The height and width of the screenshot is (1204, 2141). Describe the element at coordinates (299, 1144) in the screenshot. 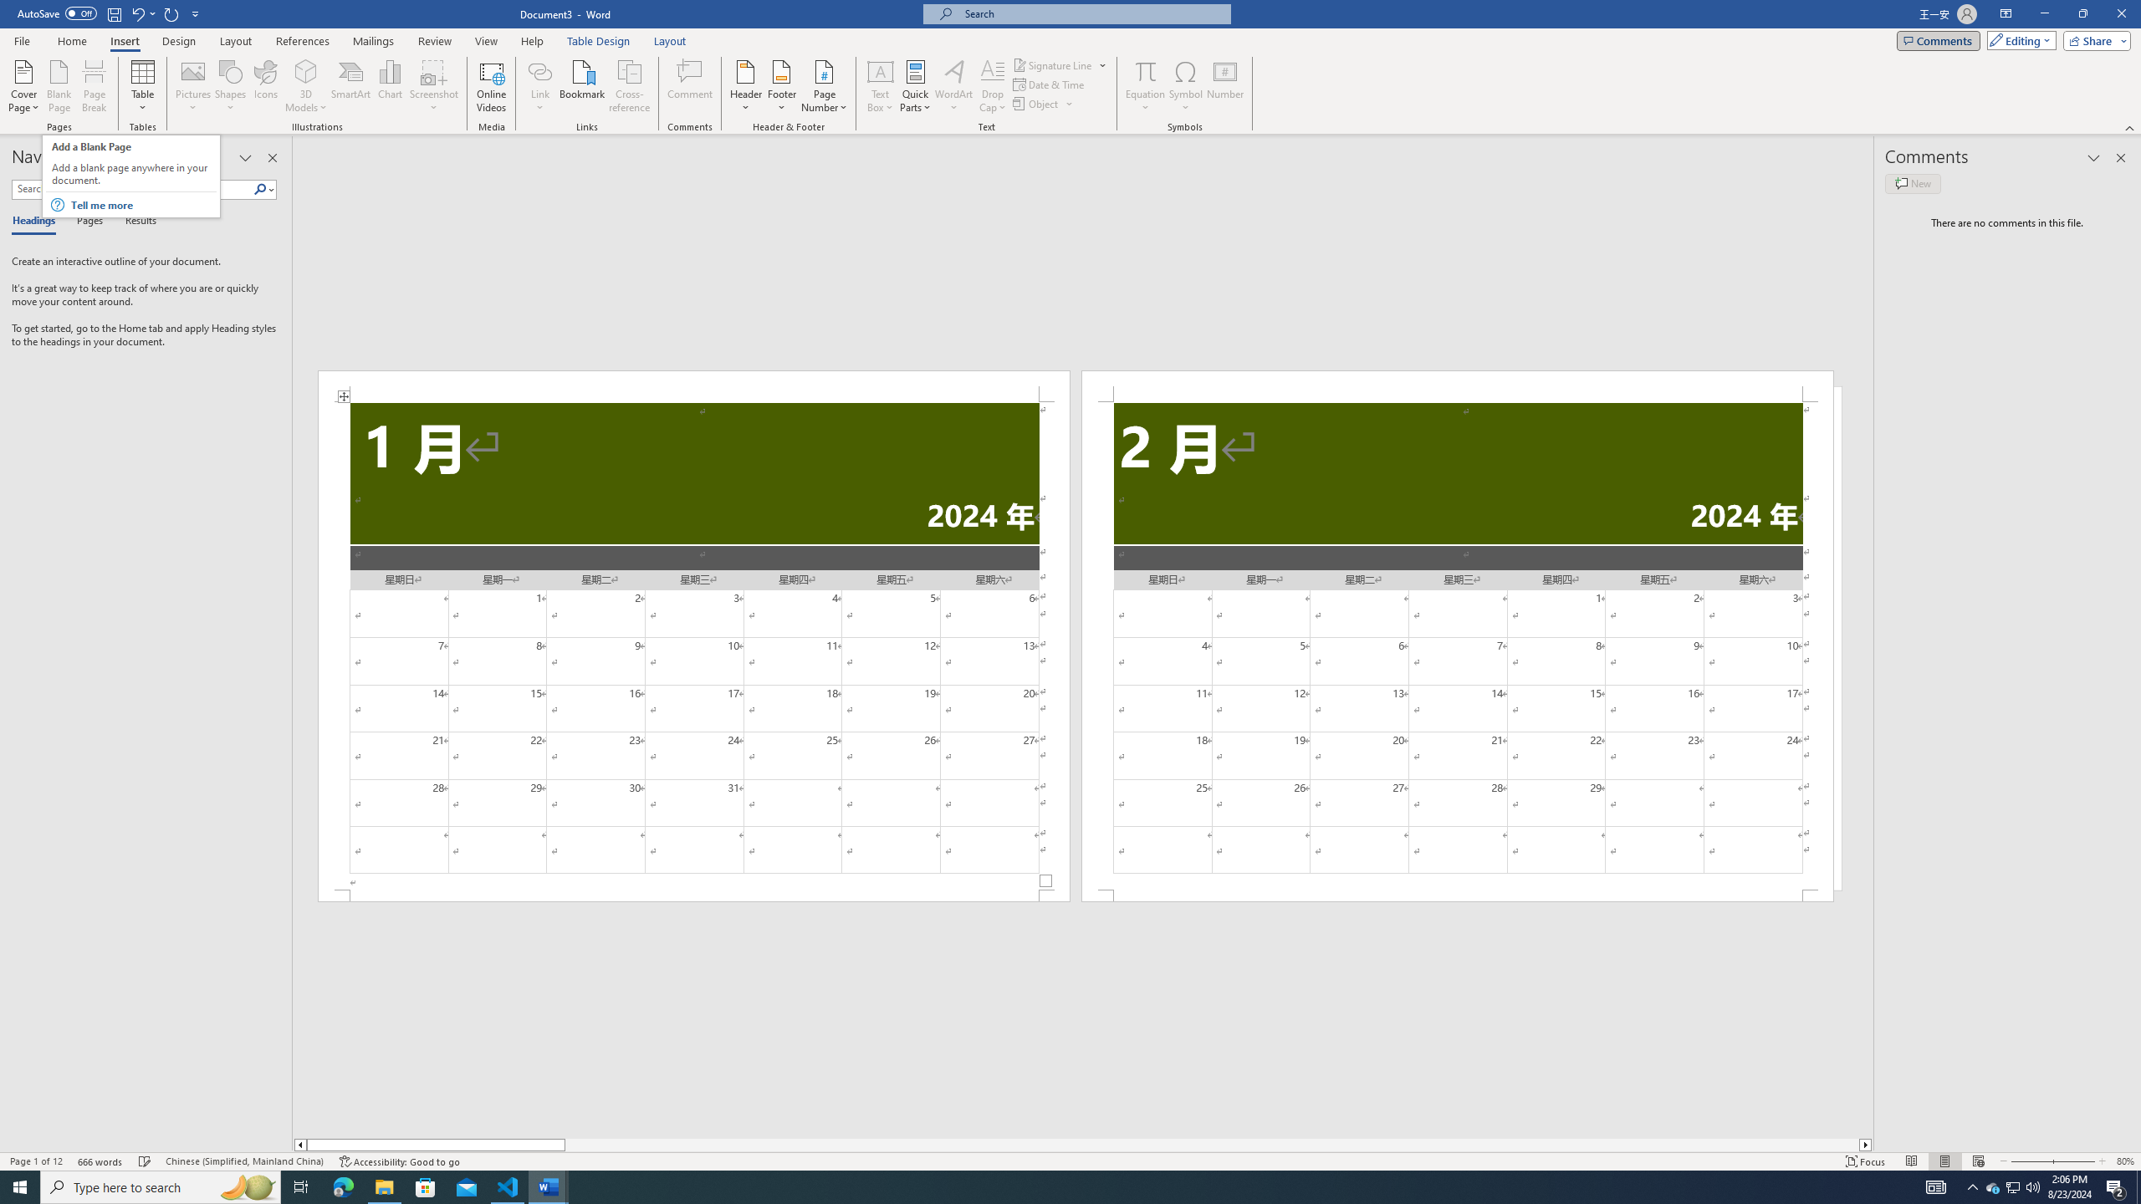

I see `'Column left'` at that location.